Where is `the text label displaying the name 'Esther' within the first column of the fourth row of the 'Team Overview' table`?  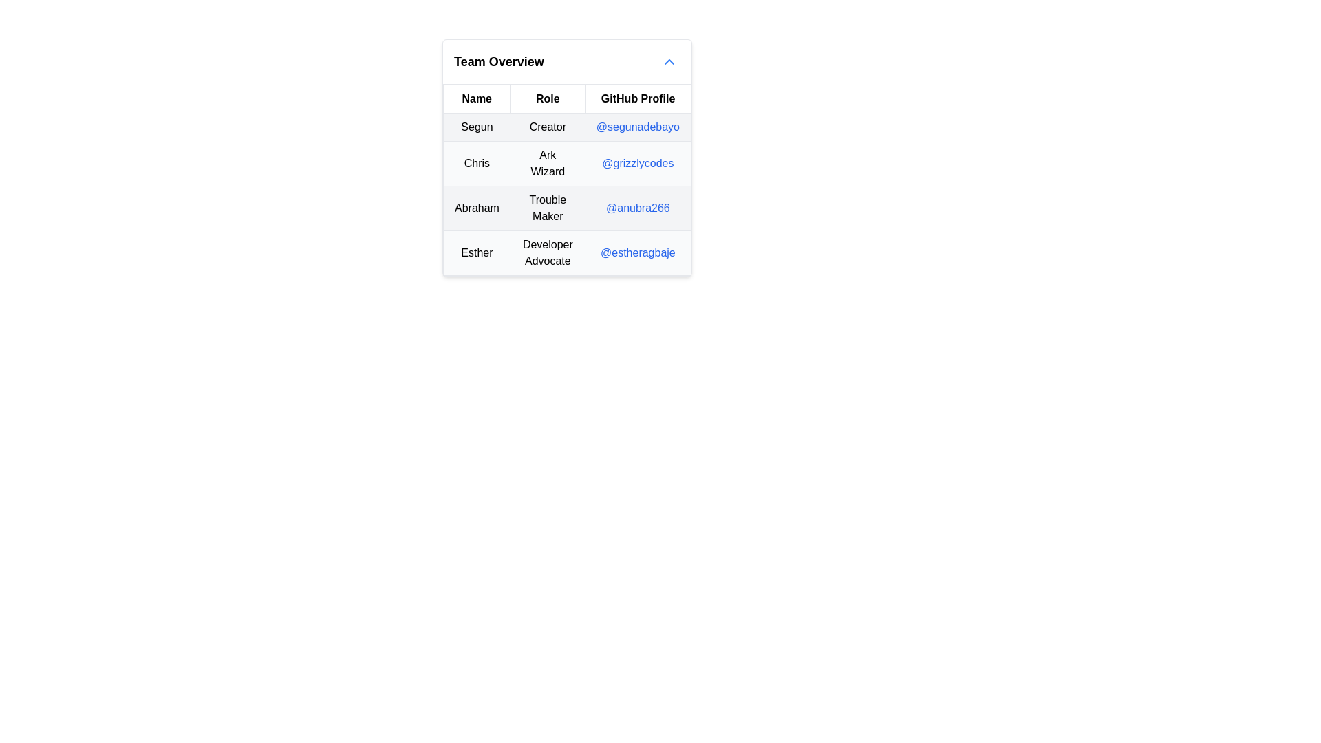 the text label displaying the name 'Esther' within the first column of the fourth row of the 'Team Overview' table is located at coordinates (477, 252).